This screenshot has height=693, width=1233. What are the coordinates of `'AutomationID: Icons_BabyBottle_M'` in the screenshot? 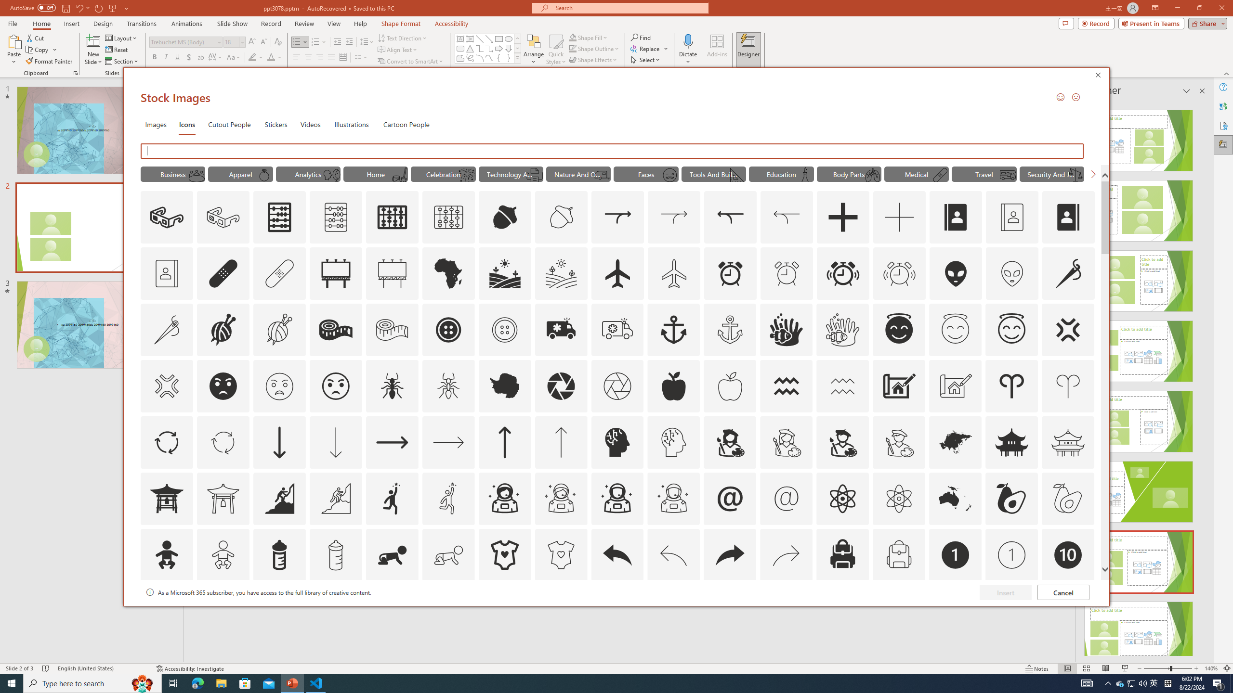 It's located at (335, 554).